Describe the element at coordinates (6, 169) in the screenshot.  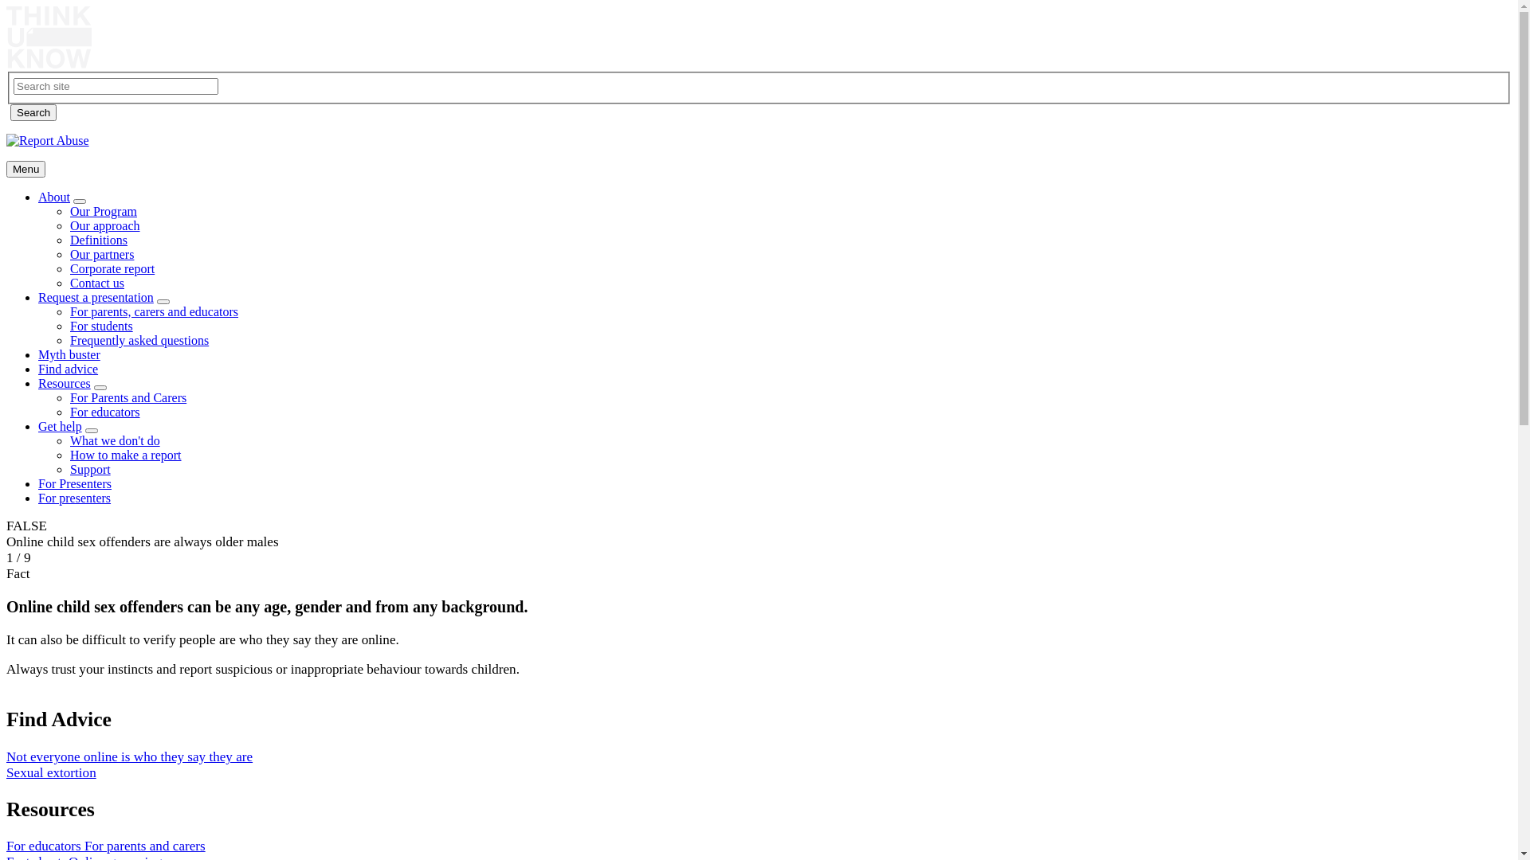
I see `'Menu'` at that location.